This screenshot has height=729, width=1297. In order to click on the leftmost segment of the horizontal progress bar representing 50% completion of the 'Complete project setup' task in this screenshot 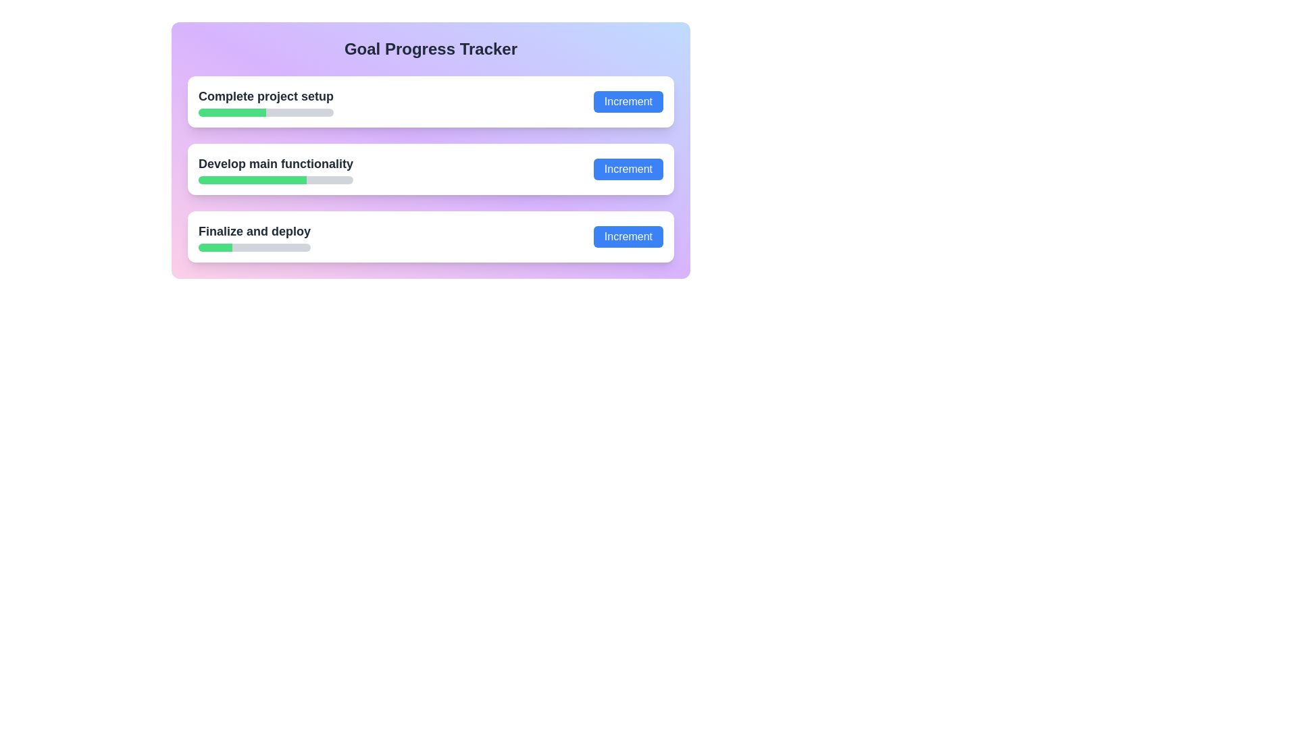, I will do `click(232, 111)`.